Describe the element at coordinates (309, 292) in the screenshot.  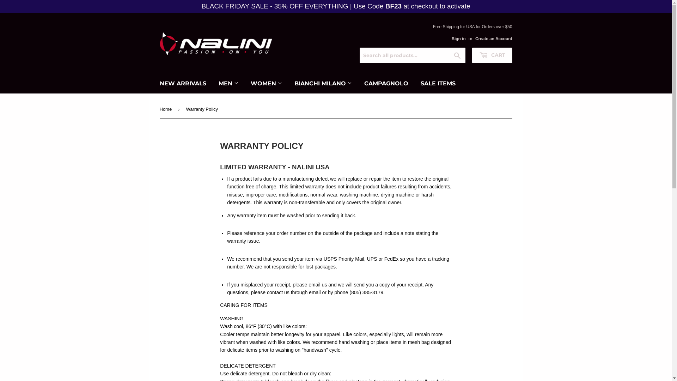
I see `'email'` at that location.